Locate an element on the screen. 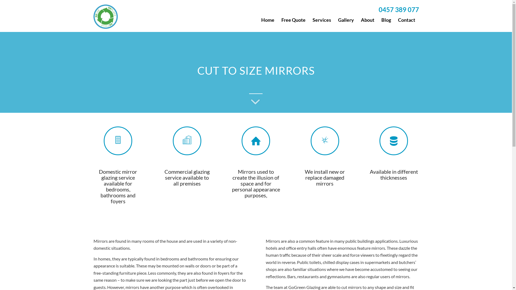 Image resolution: width=516 pixels, height=290 pixels. 'Gallery' is located at coordinates (346, 19).